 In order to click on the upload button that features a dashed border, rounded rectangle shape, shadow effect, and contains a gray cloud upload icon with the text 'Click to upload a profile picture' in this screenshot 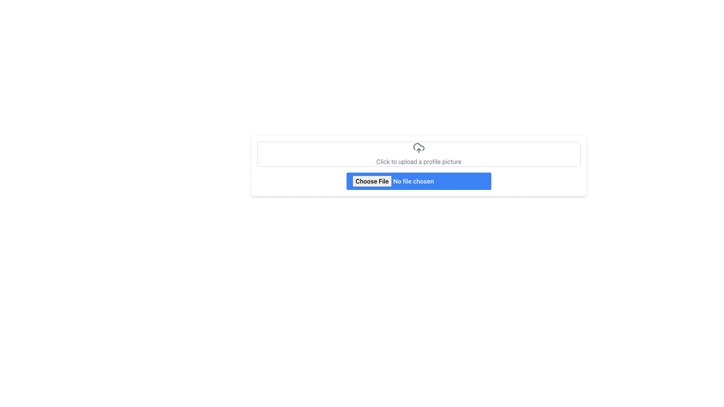, I will do `click(418, 165)`.